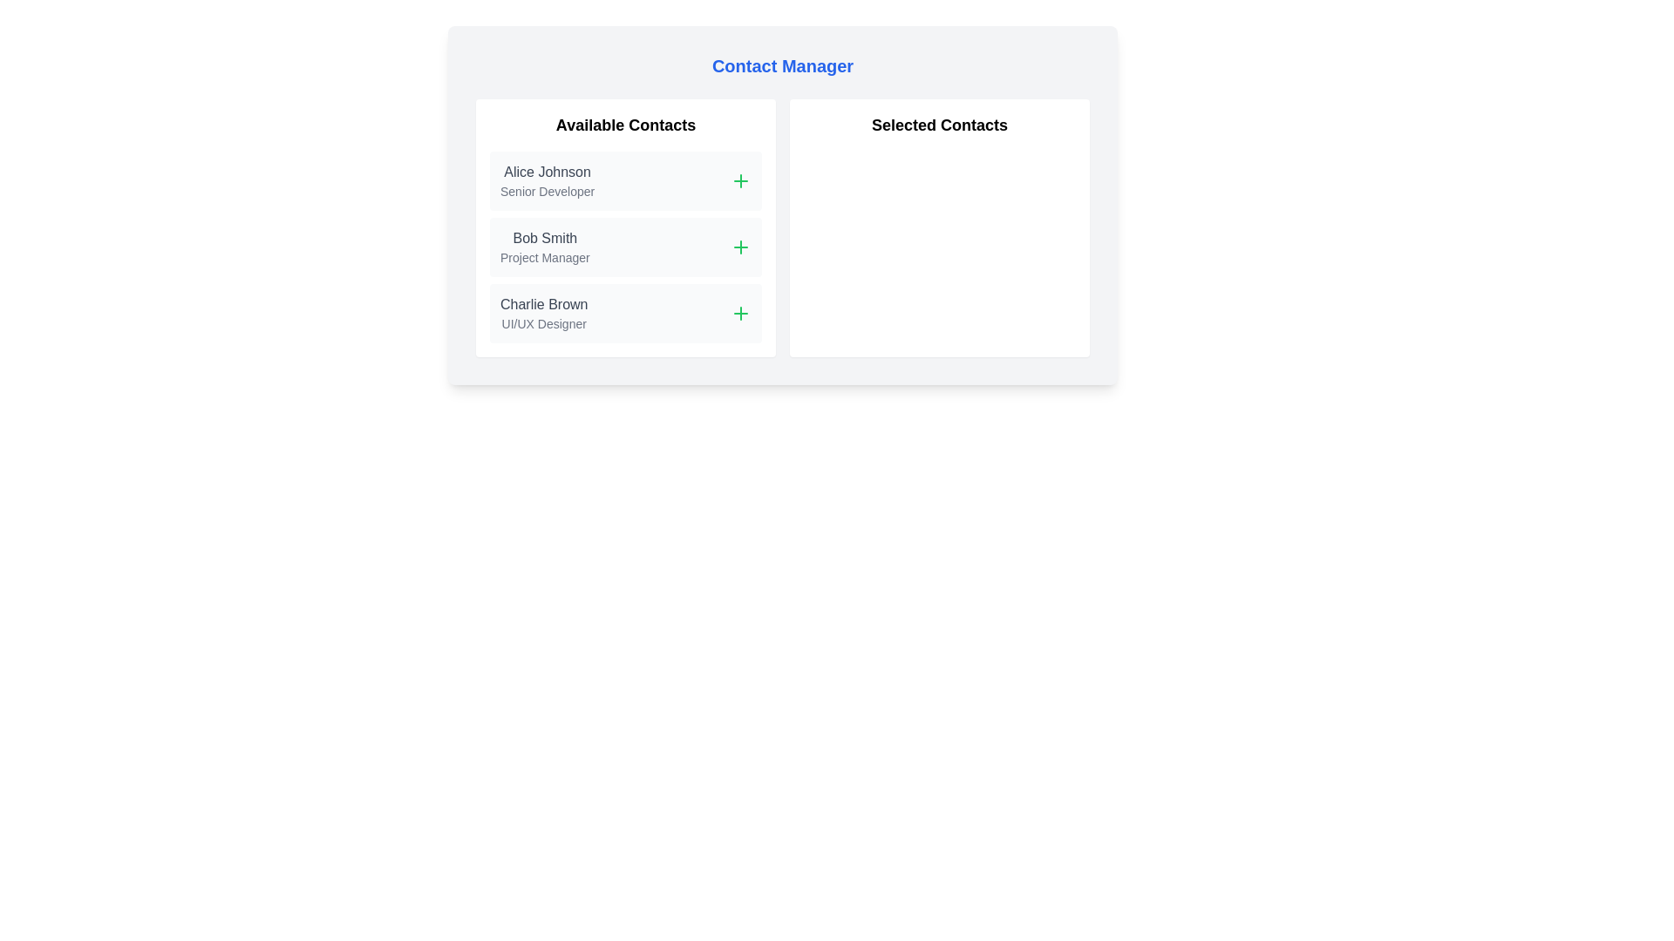 The height and width of the screenshot is (941, 1674). Describe the element at coordinates (543, 312) in the screenshot. I see `the text display element that shows the name and role of a contact, which is the third item in the 'Available Contacts' section below 'Bob Smith'` at that location.